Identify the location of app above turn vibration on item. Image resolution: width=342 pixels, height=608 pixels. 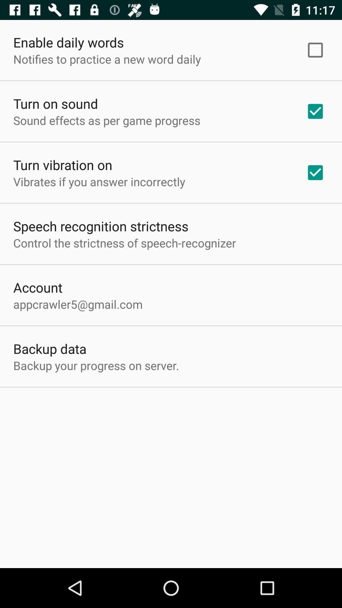
(106, 120).